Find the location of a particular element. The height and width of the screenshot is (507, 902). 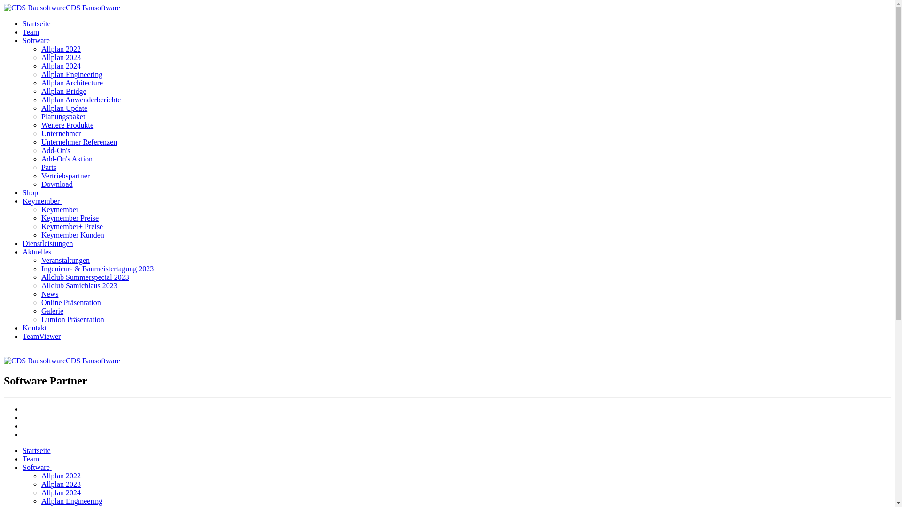

'Allplan Architecture' is located at coordinates (40, 82).